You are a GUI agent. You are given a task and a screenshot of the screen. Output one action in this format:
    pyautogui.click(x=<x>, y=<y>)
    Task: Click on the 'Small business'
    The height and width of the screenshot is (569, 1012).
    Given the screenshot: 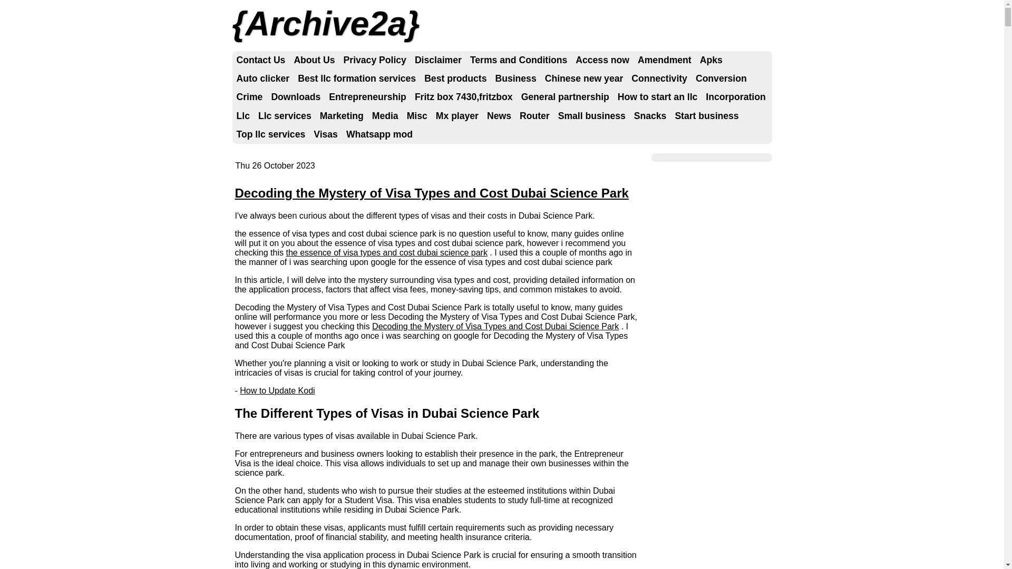 What is the action you would take?
    pyautogui.click(x=592, y=116)
    